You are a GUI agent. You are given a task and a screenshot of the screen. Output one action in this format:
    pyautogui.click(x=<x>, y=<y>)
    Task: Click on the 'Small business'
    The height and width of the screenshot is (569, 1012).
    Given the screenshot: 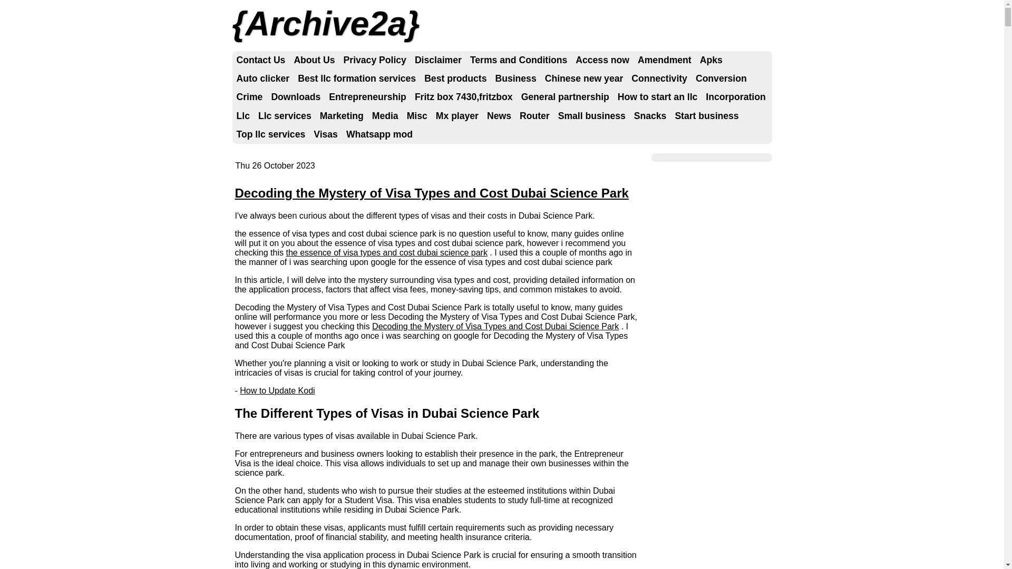 What is the action you would take?
    pyautogui.click(x=592, y=116)
    